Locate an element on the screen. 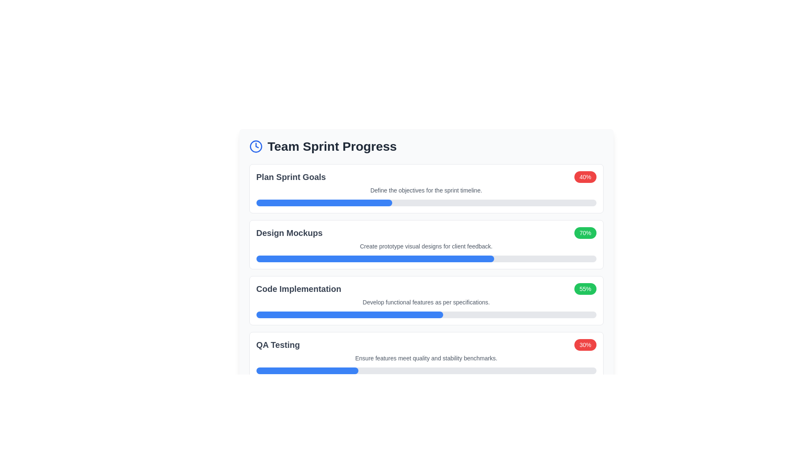 This screenshot has width=802, height=451. the progress percentage label indicating completion for the 'Code Implementation' task, located at the far-right end of its row is located at coordinates (585, 288).